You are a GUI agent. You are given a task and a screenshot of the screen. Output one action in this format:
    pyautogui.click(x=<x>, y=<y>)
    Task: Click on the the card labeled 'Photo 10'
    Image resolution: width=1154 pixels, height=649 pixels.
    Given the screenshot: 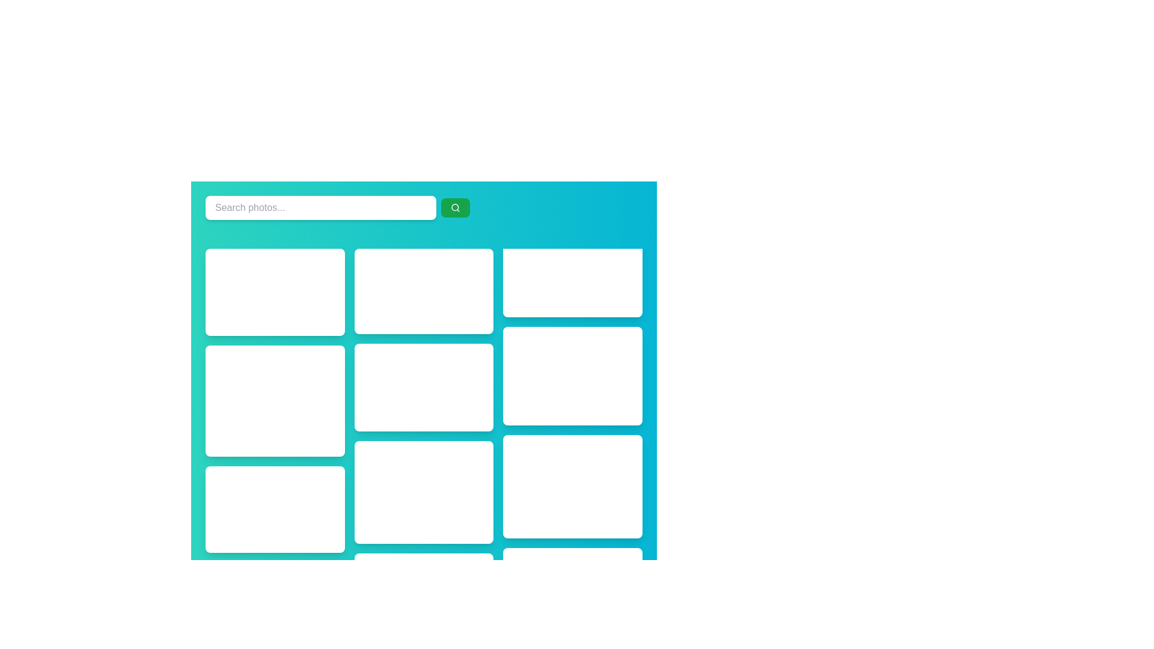 What is the action you would take?
    pyautogui.click(x=572, y=375)
    